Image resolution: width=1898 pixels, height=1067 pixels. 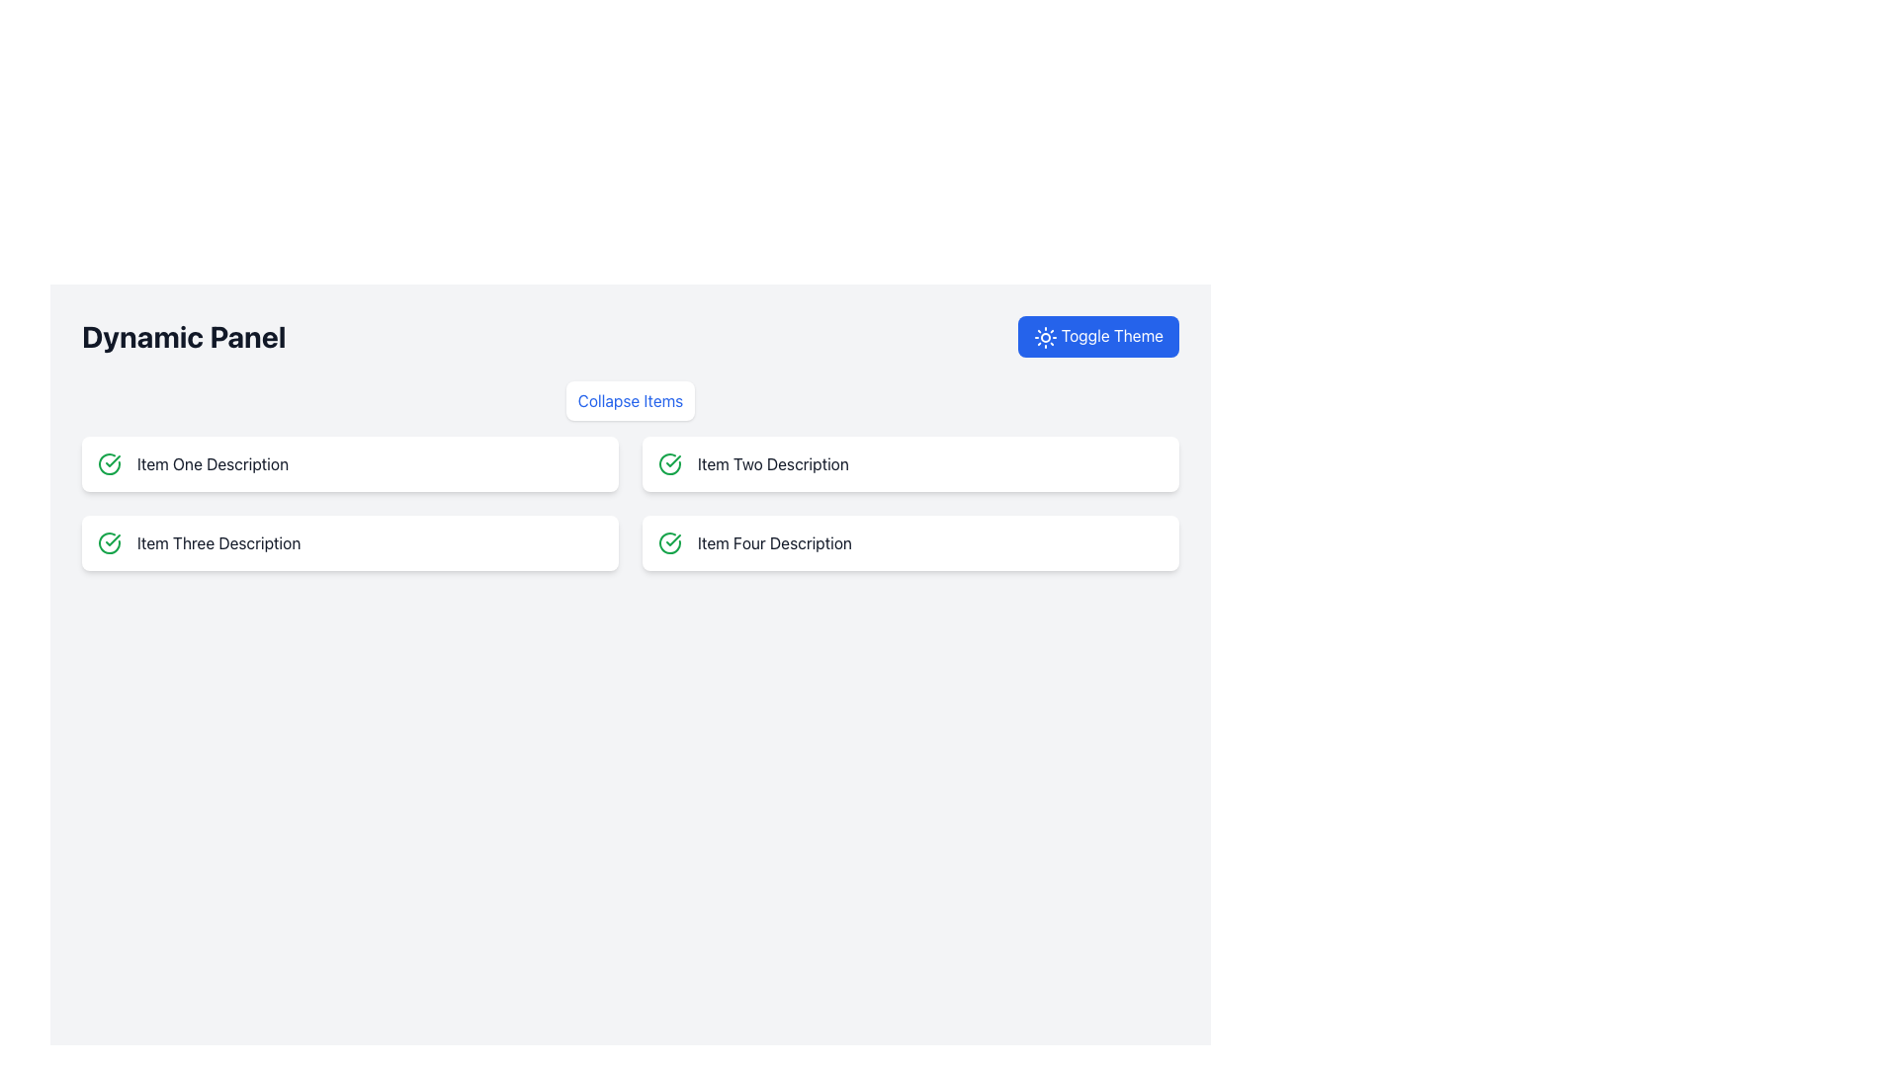 I want to click on the 'Toggle Theme' button using tab navigation, so click(x=1097, y=335).